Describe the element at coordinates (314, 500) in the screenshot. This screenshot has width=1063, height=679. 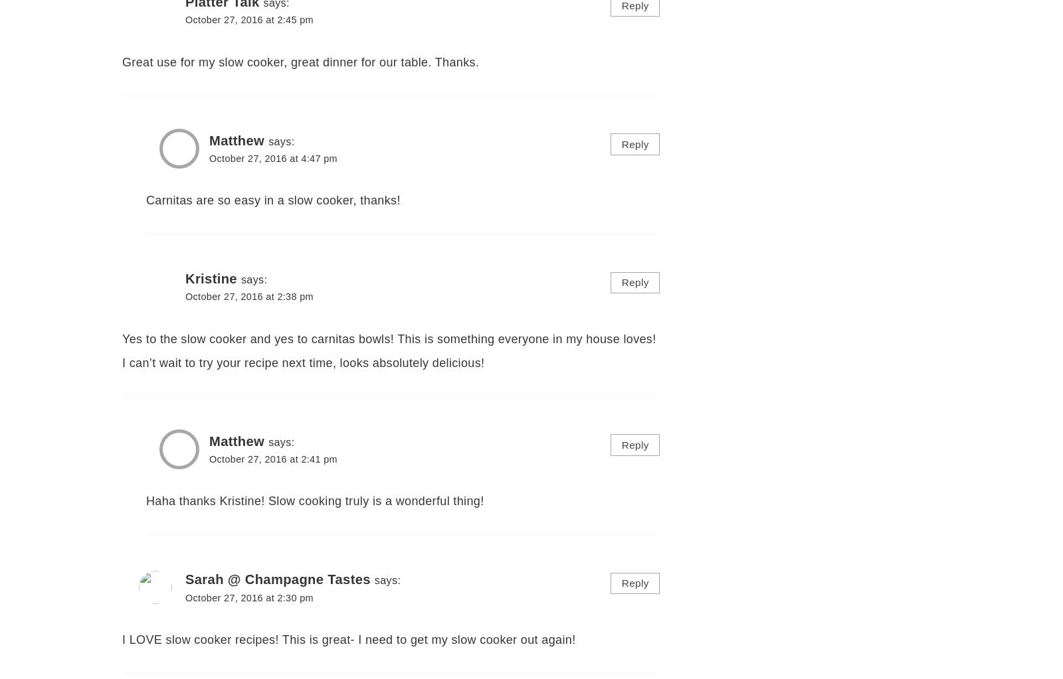
I see `'Haha thanks Kristine! Slow cooking truly is a wonderful thing!'` at that location.